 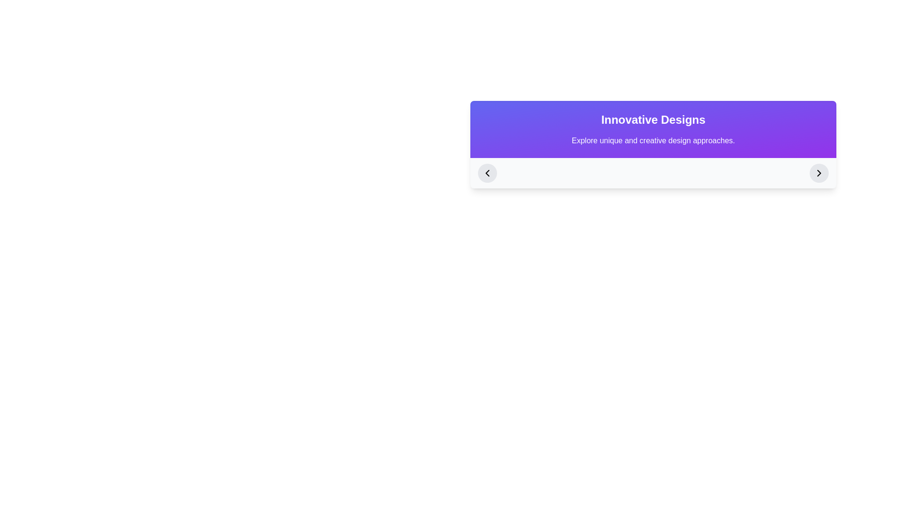 I want to click on the gray circular button that serves as the 'Previous' button for navigating back within the sequence or gallery, located at the bottom-left corner of the 'Innovative Designs' card, so click(x=487, y=173).